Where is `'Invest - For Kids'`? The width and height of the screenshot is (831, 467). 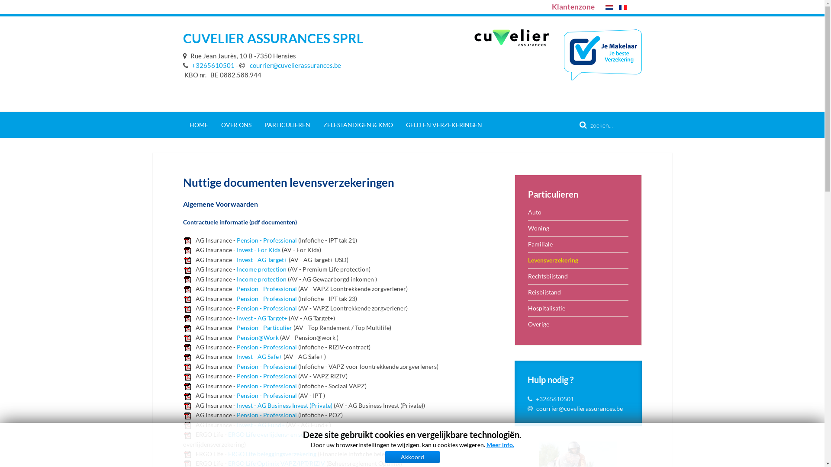 'Invest - For Kids' is located at coordinates (236, 249).